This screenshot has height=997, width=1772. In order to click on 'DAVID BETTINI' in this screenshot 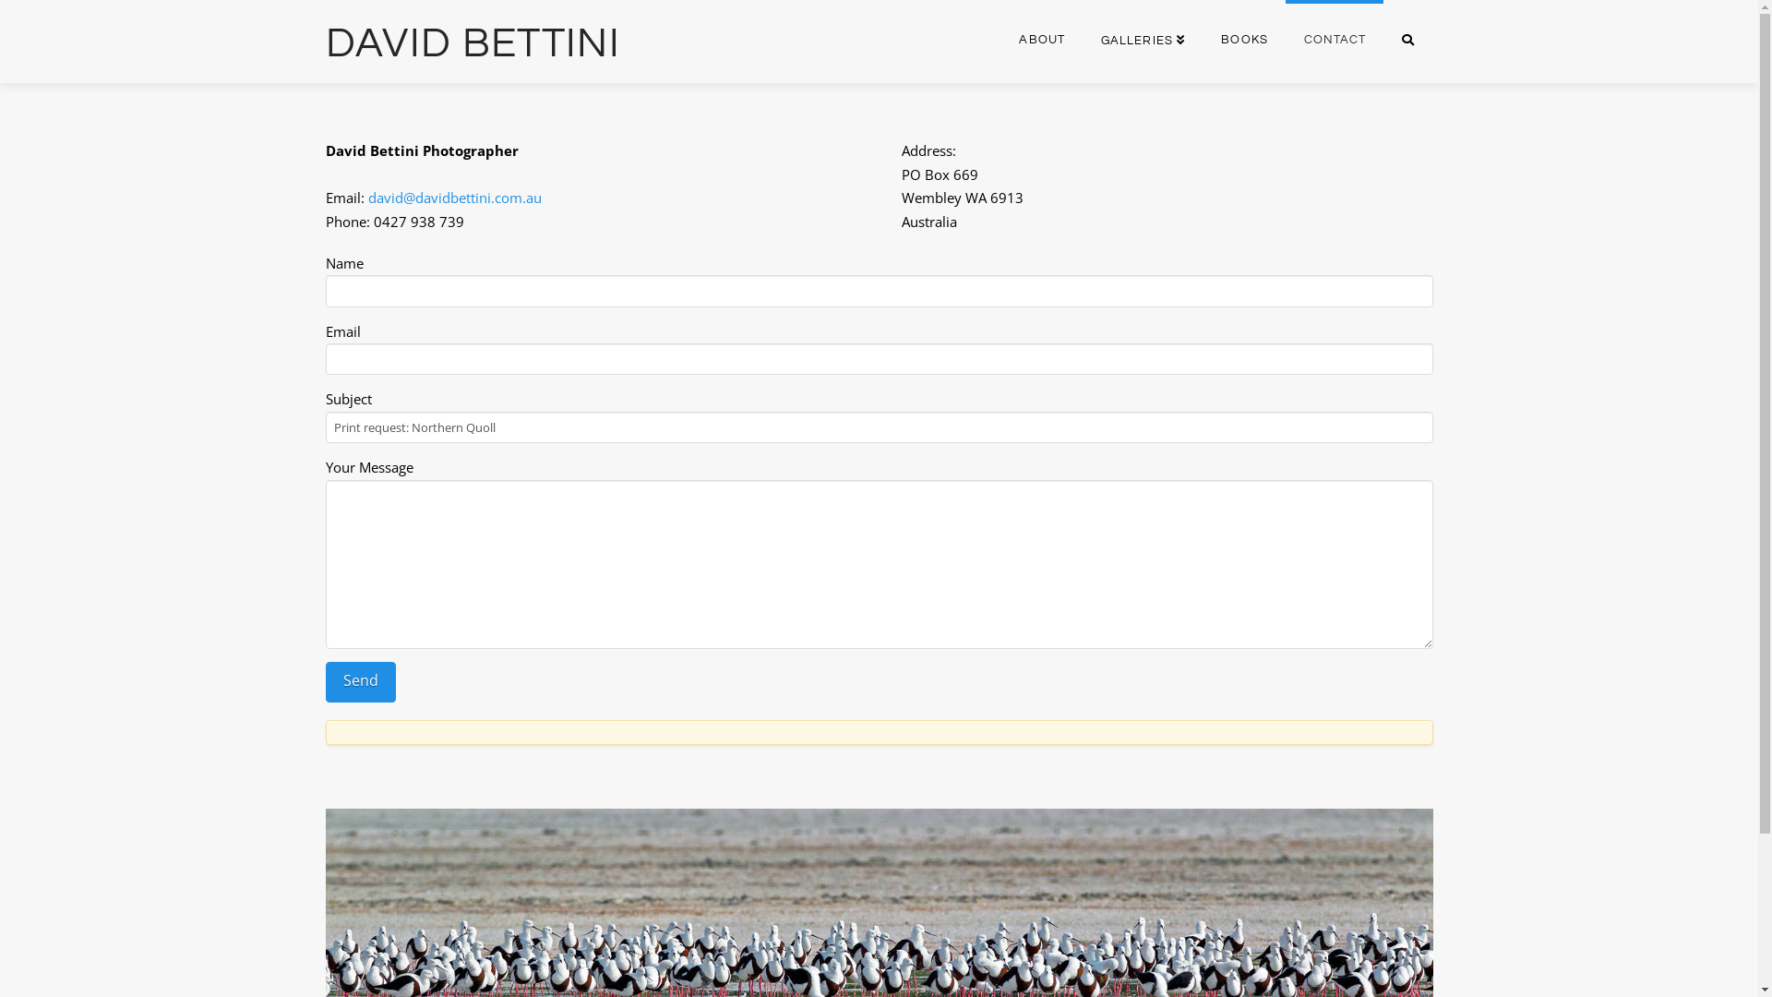, I will do `click(473, 42)`.